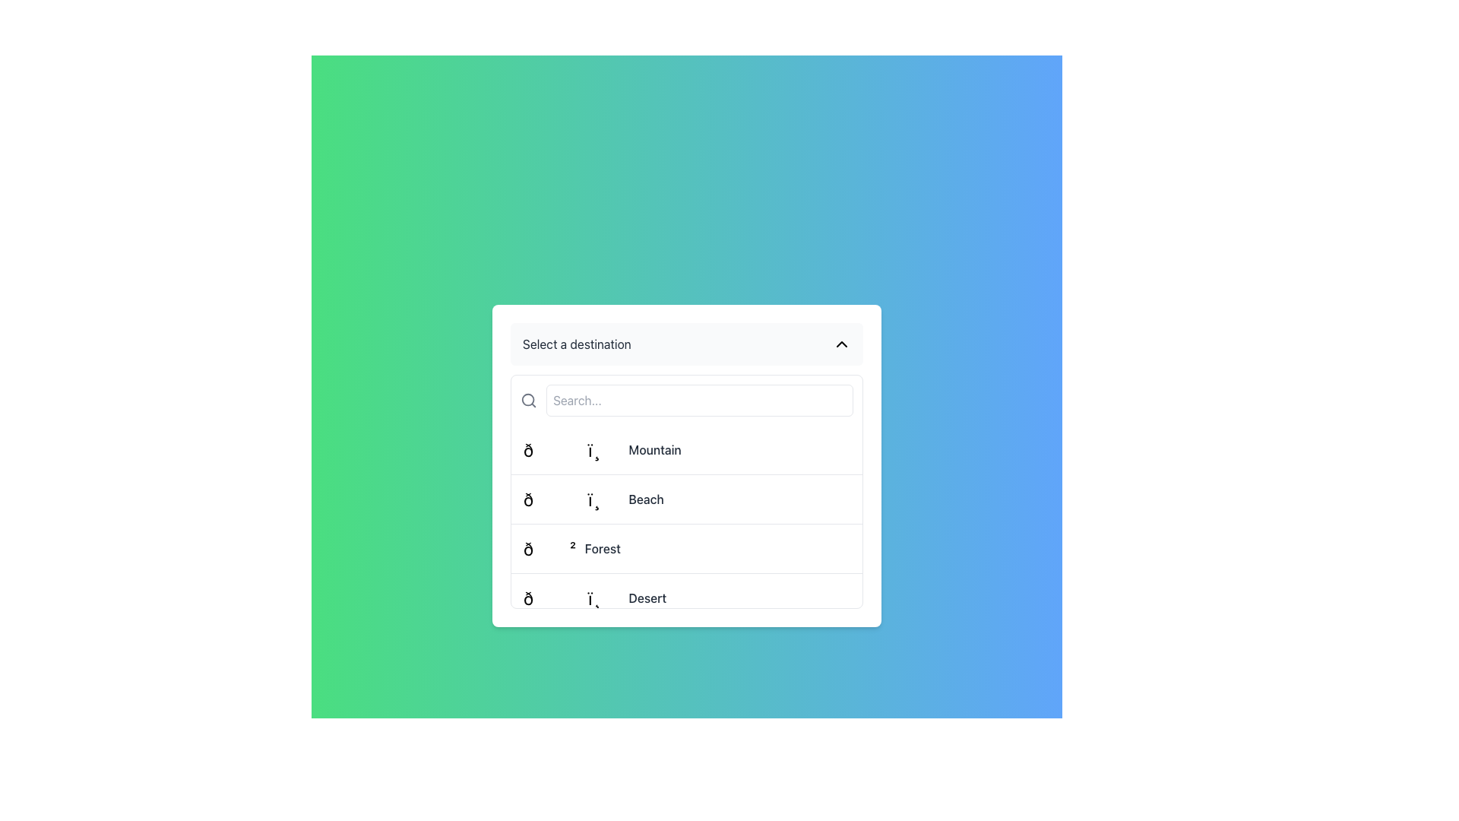 Image resolution: width=1459 pixels, height=821 pixels. Describe the element at coordinates (646, 499) in the screenshot. I see `text displayed as 'Beach' which is a medium-weight dark-gray text component, positioned as the second entry in the dropdown list next to an emoji icon` at that location.